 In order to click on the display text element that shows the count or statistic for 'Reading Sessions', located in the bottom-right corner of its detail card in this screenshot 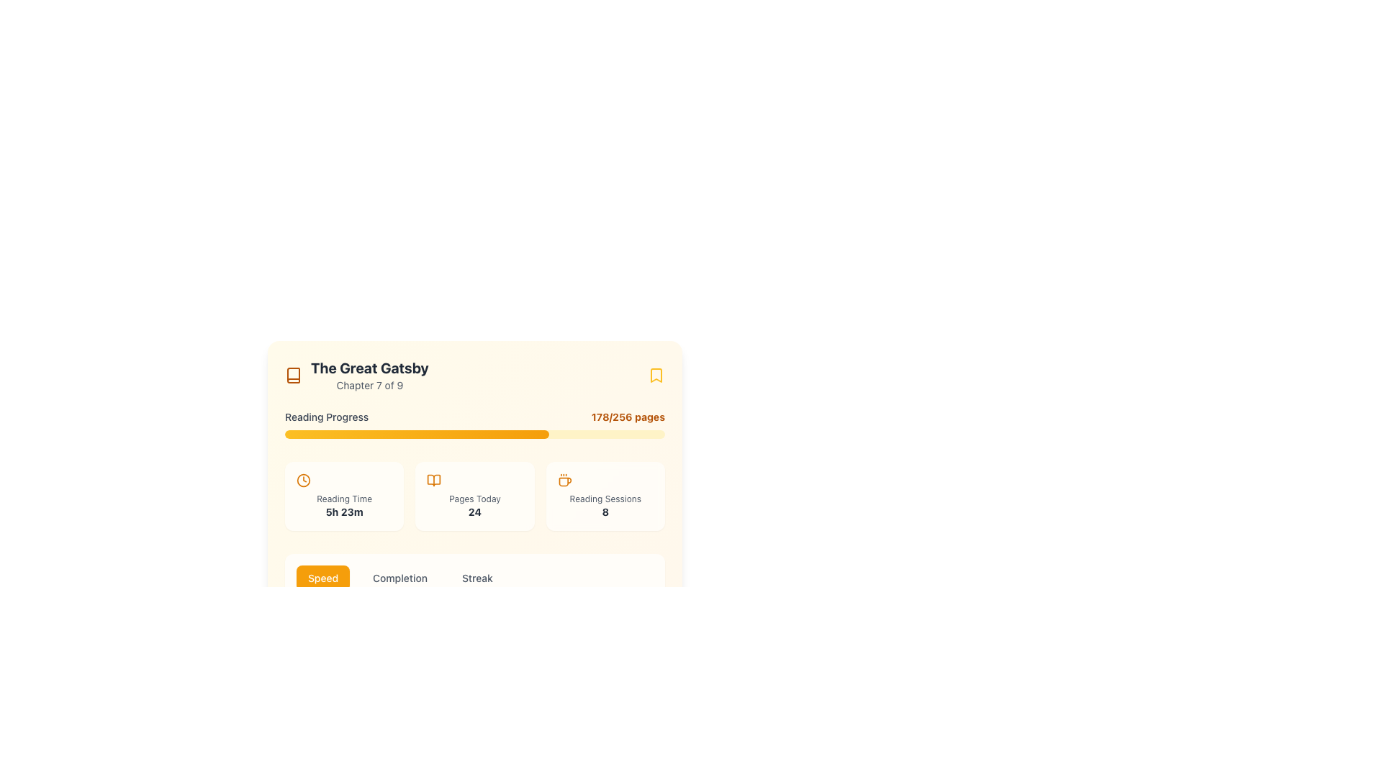, I will do `click(605, 512)`.